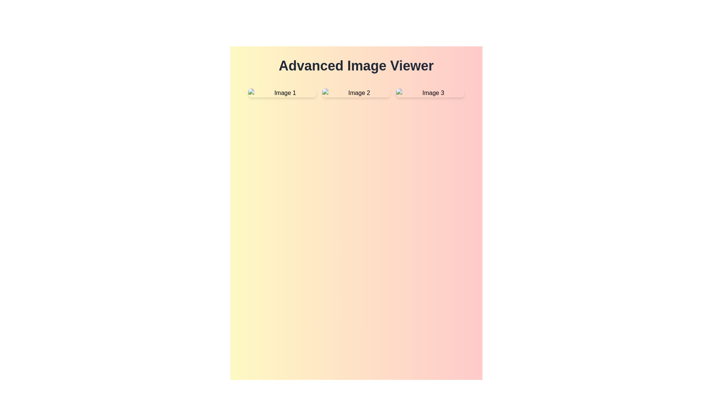 Image resolution: width=723 pixels, height=407 pixels. I want to click on title text element that serves as a heading for the webpage, positioned centrally above the grid section, so click(355, 65).